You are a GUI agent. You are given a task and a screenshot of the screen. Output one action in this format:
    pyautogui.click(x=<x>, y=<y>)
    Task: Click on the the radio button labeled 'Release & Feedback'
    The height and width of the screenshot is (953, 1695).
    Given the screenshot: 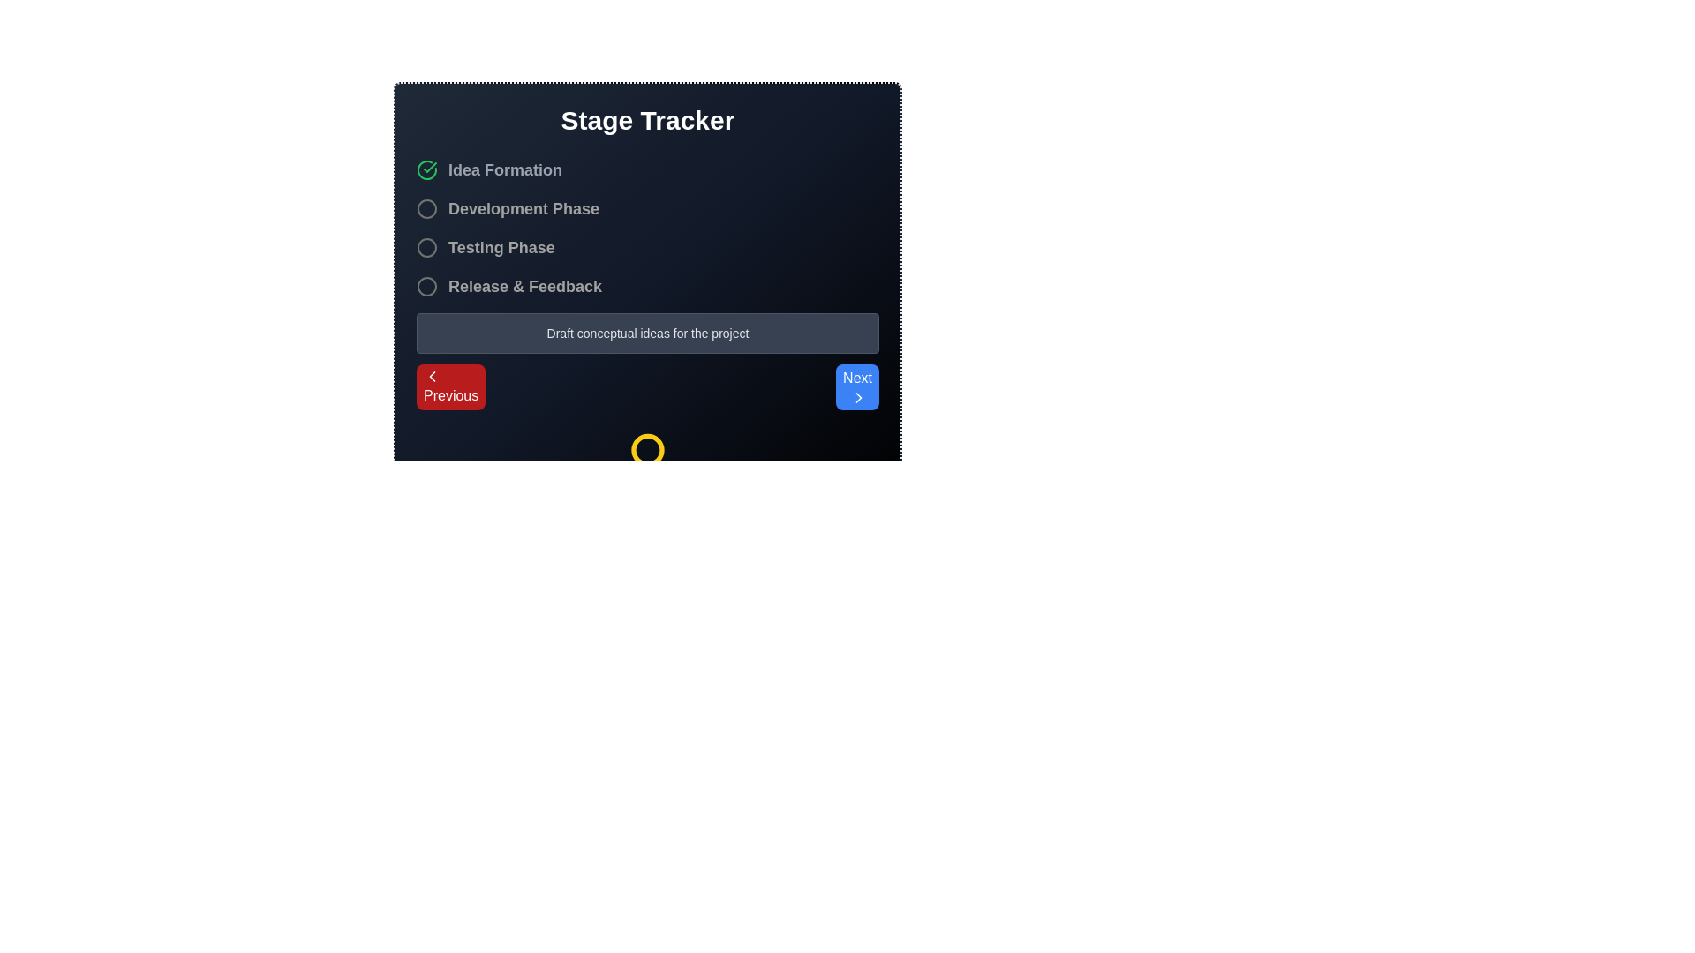 What is the action you would take?
    pyautogui.click(x=647, y=285)
    